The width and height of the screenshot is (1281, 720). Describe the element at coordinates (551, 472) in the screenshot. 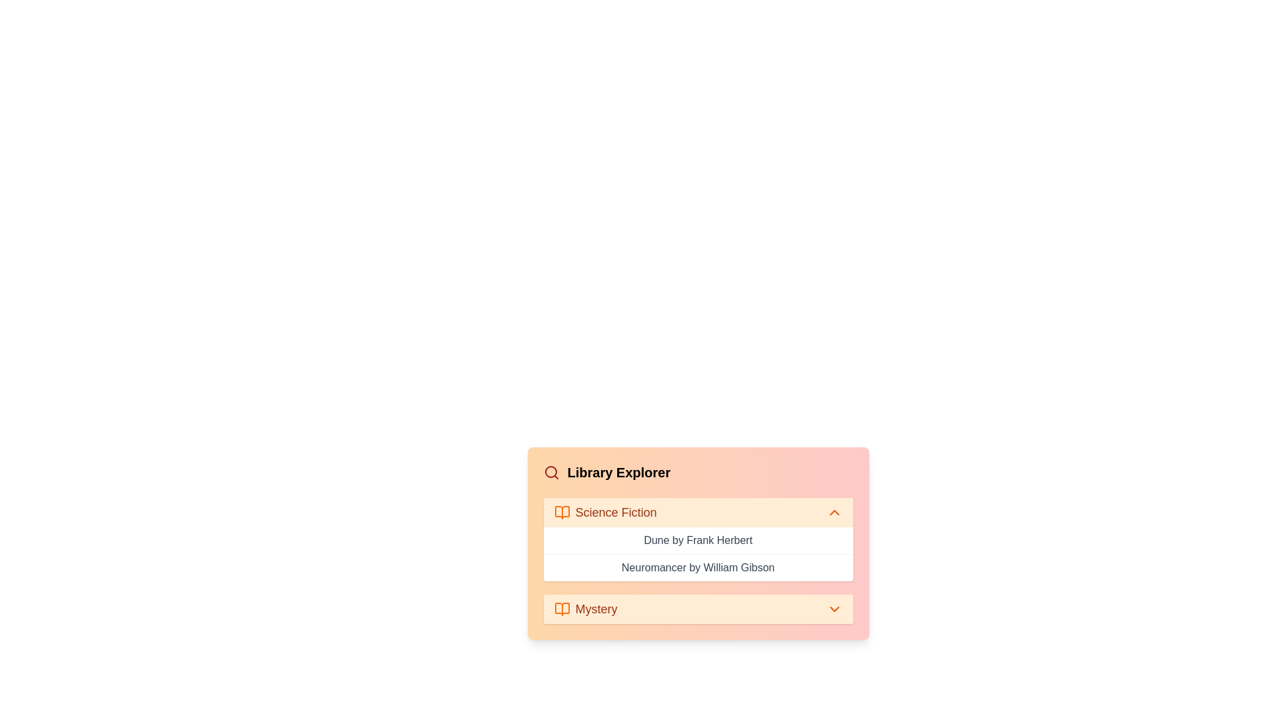

I see `the search icon to activate the search functionality` at that location.